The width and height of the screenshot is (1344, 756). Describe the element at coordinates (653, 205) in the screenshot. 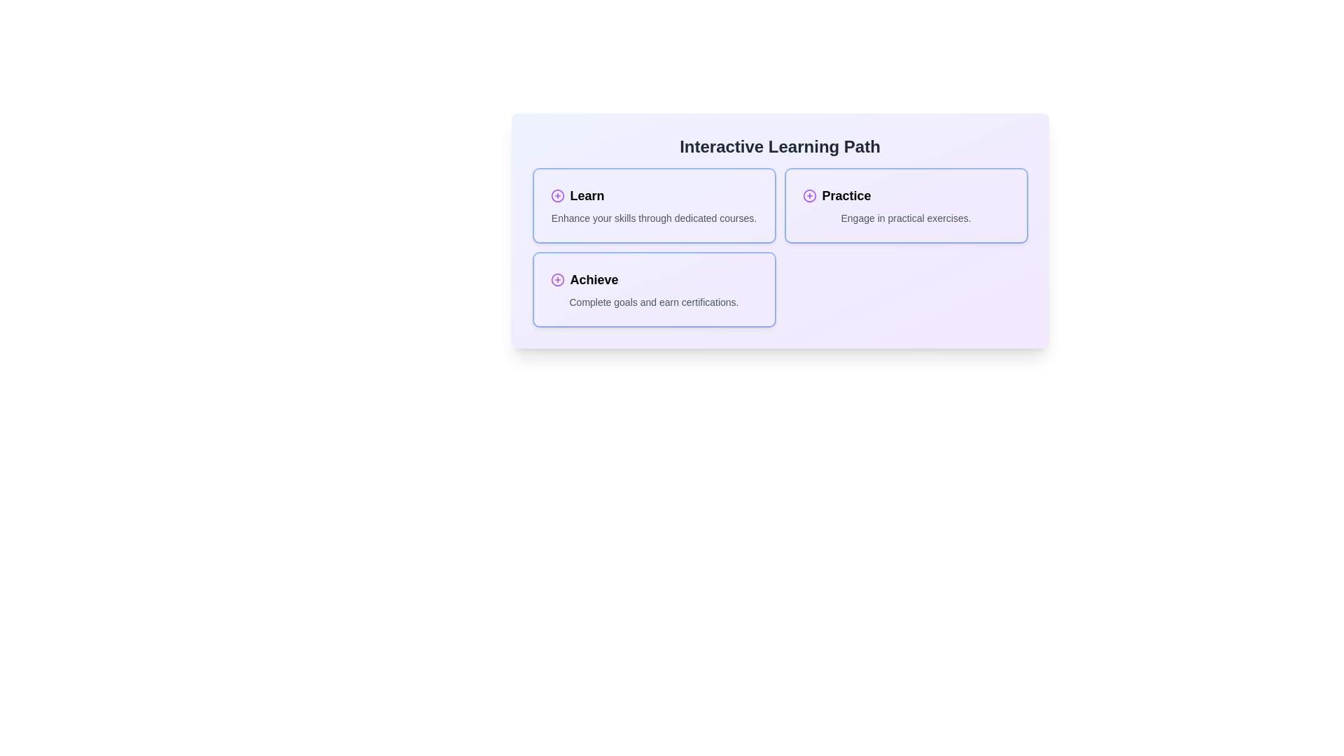

I see `the first card in the grid layout` at that location.